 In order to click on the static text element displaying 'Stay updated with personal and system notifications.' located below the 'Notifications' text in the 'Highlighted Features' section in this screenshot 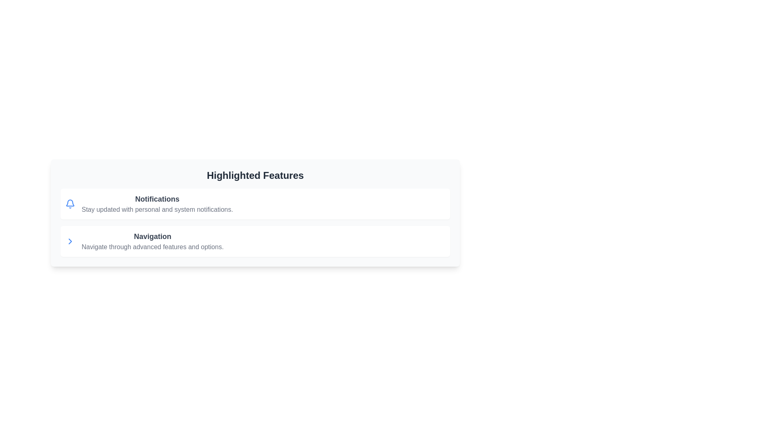, I will do `click(157, 209)`.